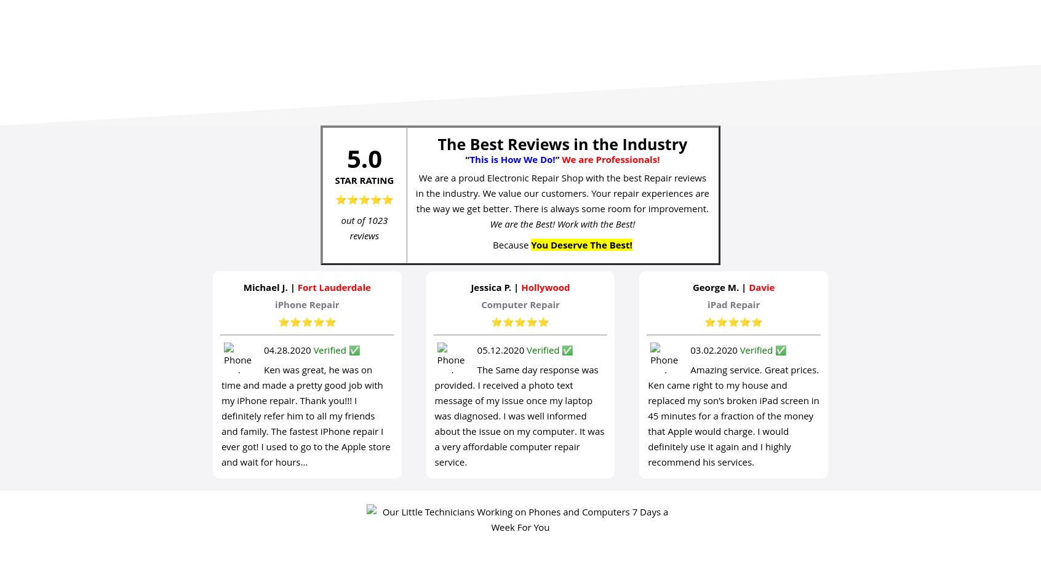 The width and height of the screenshot is (1041, 572). I want to click on 'We are a proud Electronic Repair Shop with the best Repair reviews in the industry. We value our customers. Your repair experiences are the way we get better. There is always some room for improvement.', so click(561, 192).